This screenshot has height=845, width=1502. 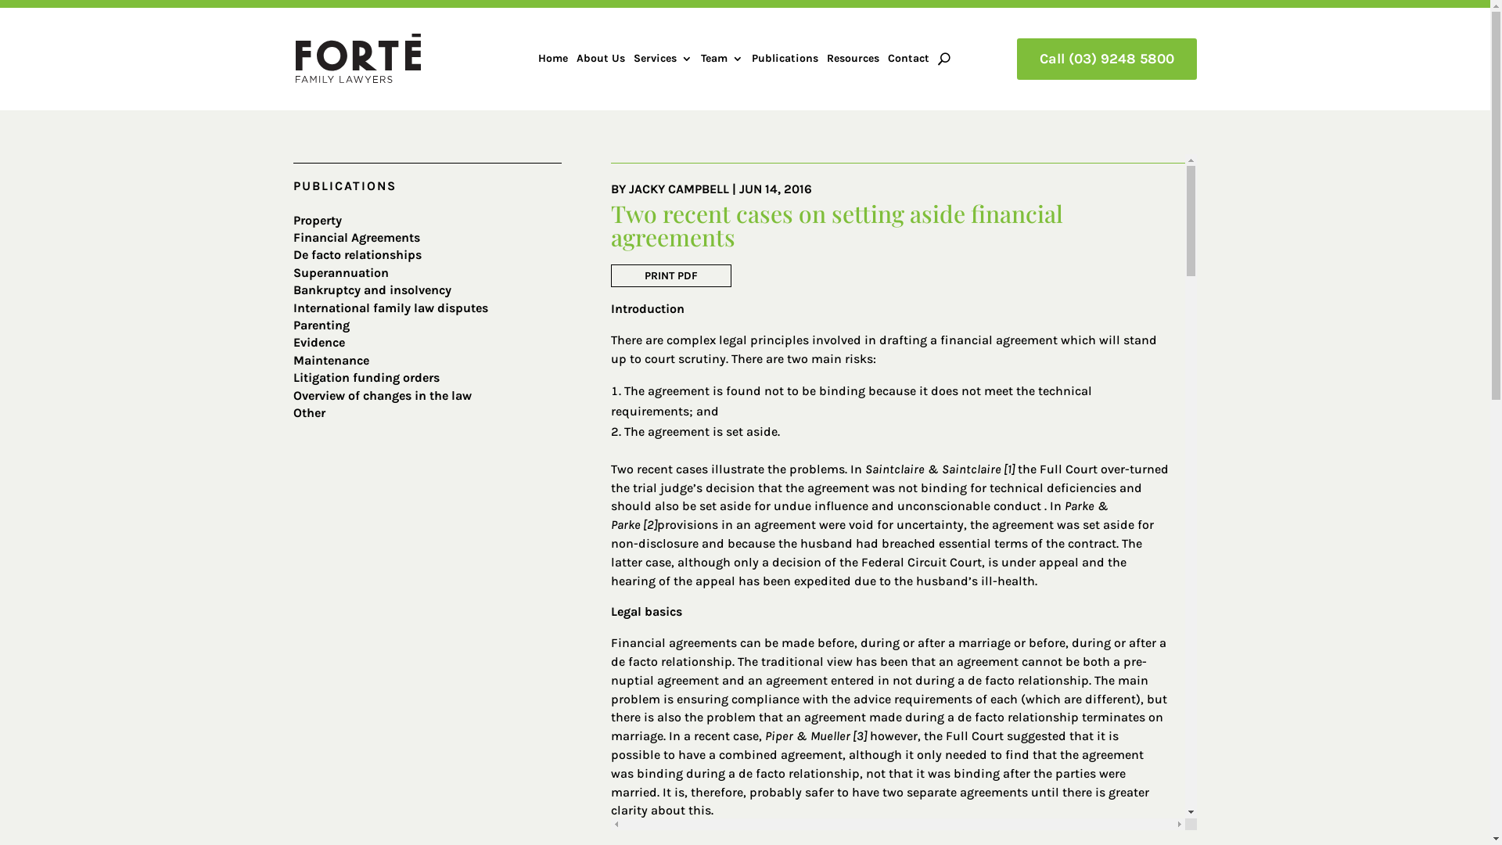 What do you see at coordinates (371, 289) in the screenshot?
I see `'Bankruptcy and insolvency'` at bounding box center [371, 289].